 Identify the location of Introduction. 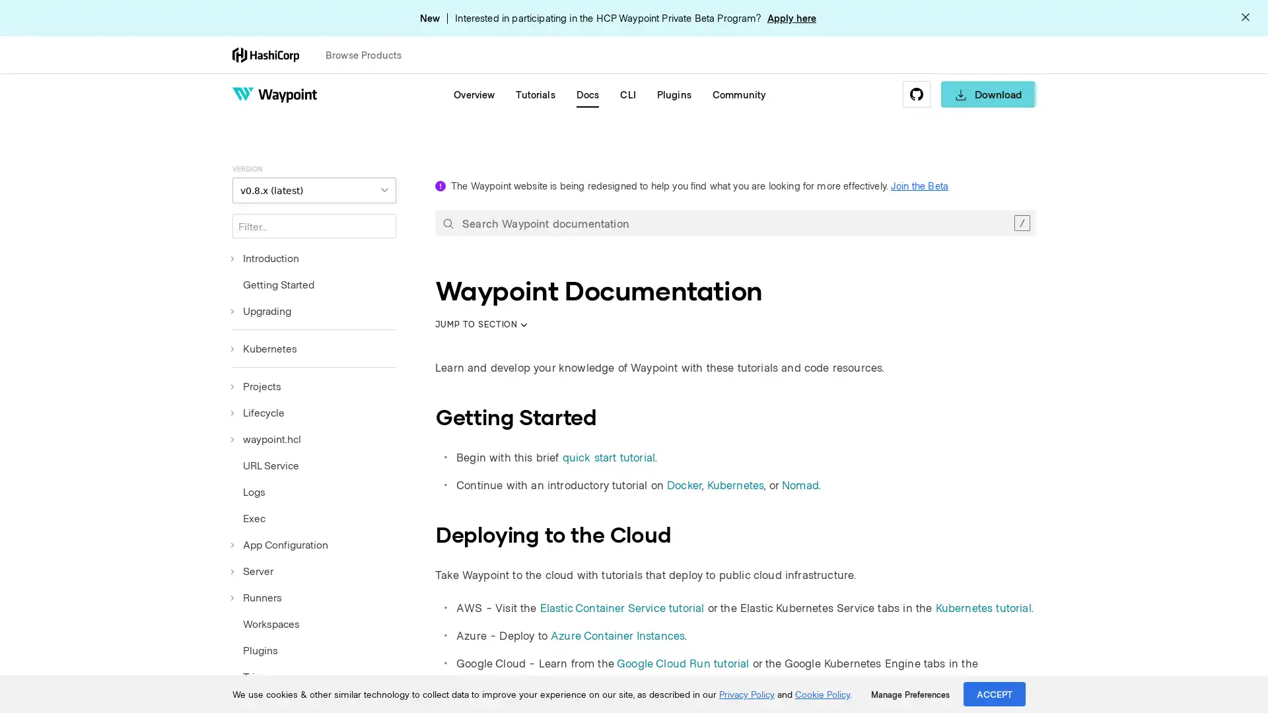
(265, 257).